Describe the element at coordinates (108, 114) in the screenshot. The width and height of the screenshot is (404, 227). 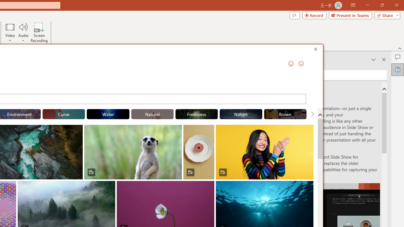
I see `'"Water" Stock Videos.'` at that location.